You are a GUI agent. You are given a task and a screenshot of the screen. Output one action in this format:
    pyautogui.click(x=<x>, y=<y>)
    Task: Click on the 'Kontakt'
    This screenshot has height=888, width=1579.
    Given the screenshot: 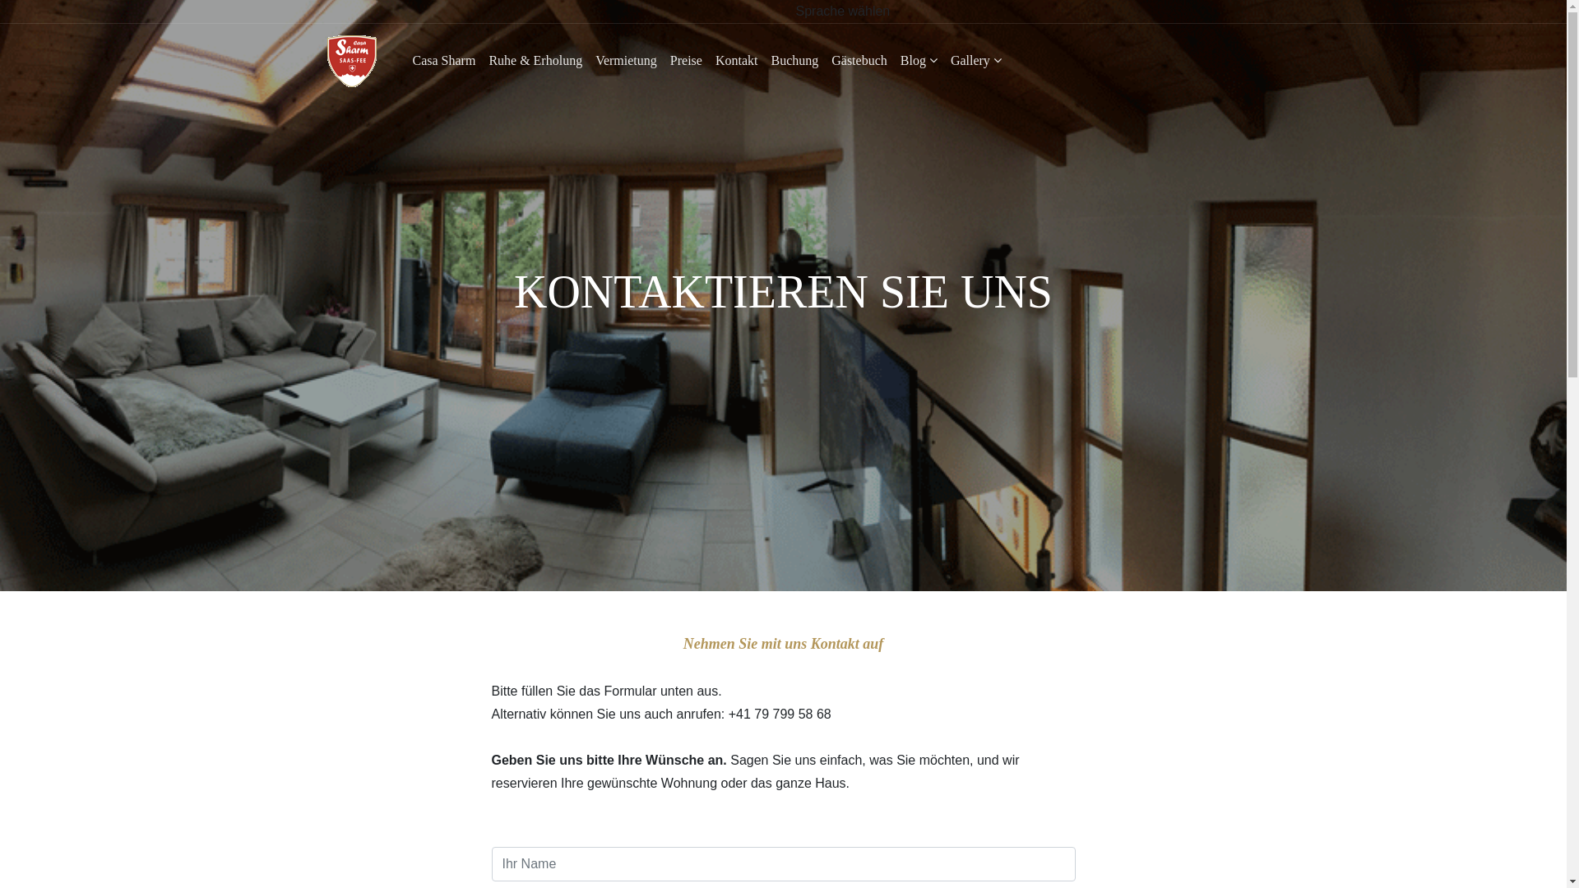 What is the action you would take?
    pyautogui.click(x=736, y=59)
    